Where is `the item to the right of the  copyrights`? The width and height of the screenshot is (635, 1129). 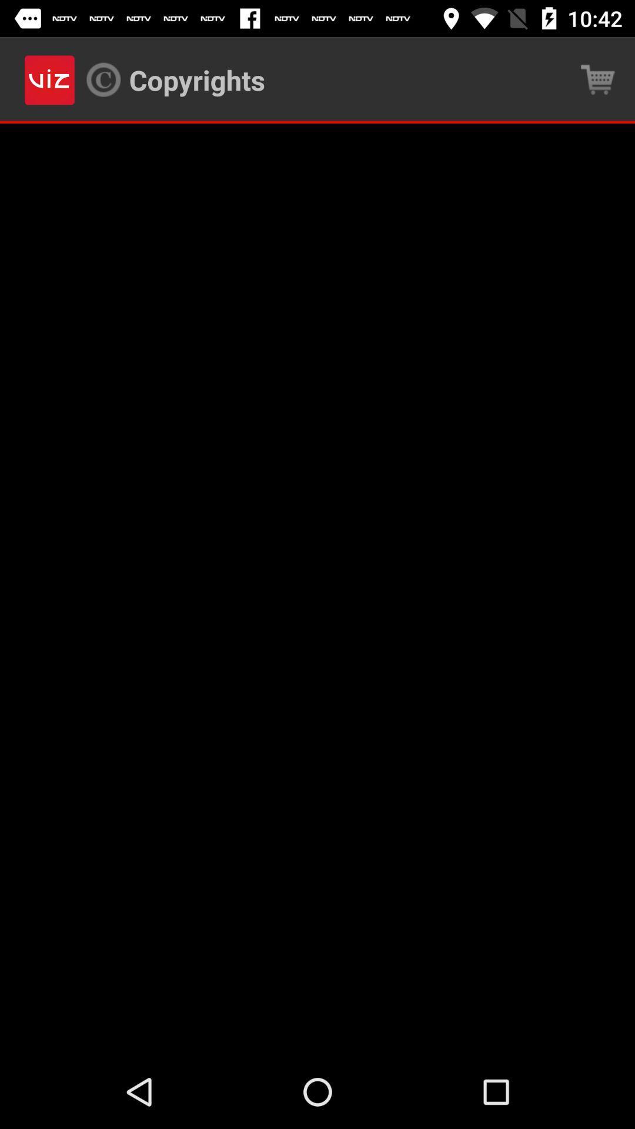
the item to the right of the  copyrights is located at coordinates (598, 79).